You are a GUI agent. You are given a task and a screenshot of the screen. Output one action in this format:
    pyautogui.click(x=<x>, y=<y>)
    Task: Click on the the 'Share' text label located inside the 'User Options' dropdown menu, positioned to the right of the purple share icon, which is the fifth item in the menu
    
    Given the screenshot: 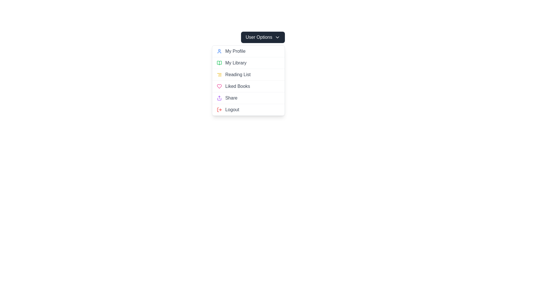 What is the action you would take?
    pyautogui.click(x=231, y=98)
    